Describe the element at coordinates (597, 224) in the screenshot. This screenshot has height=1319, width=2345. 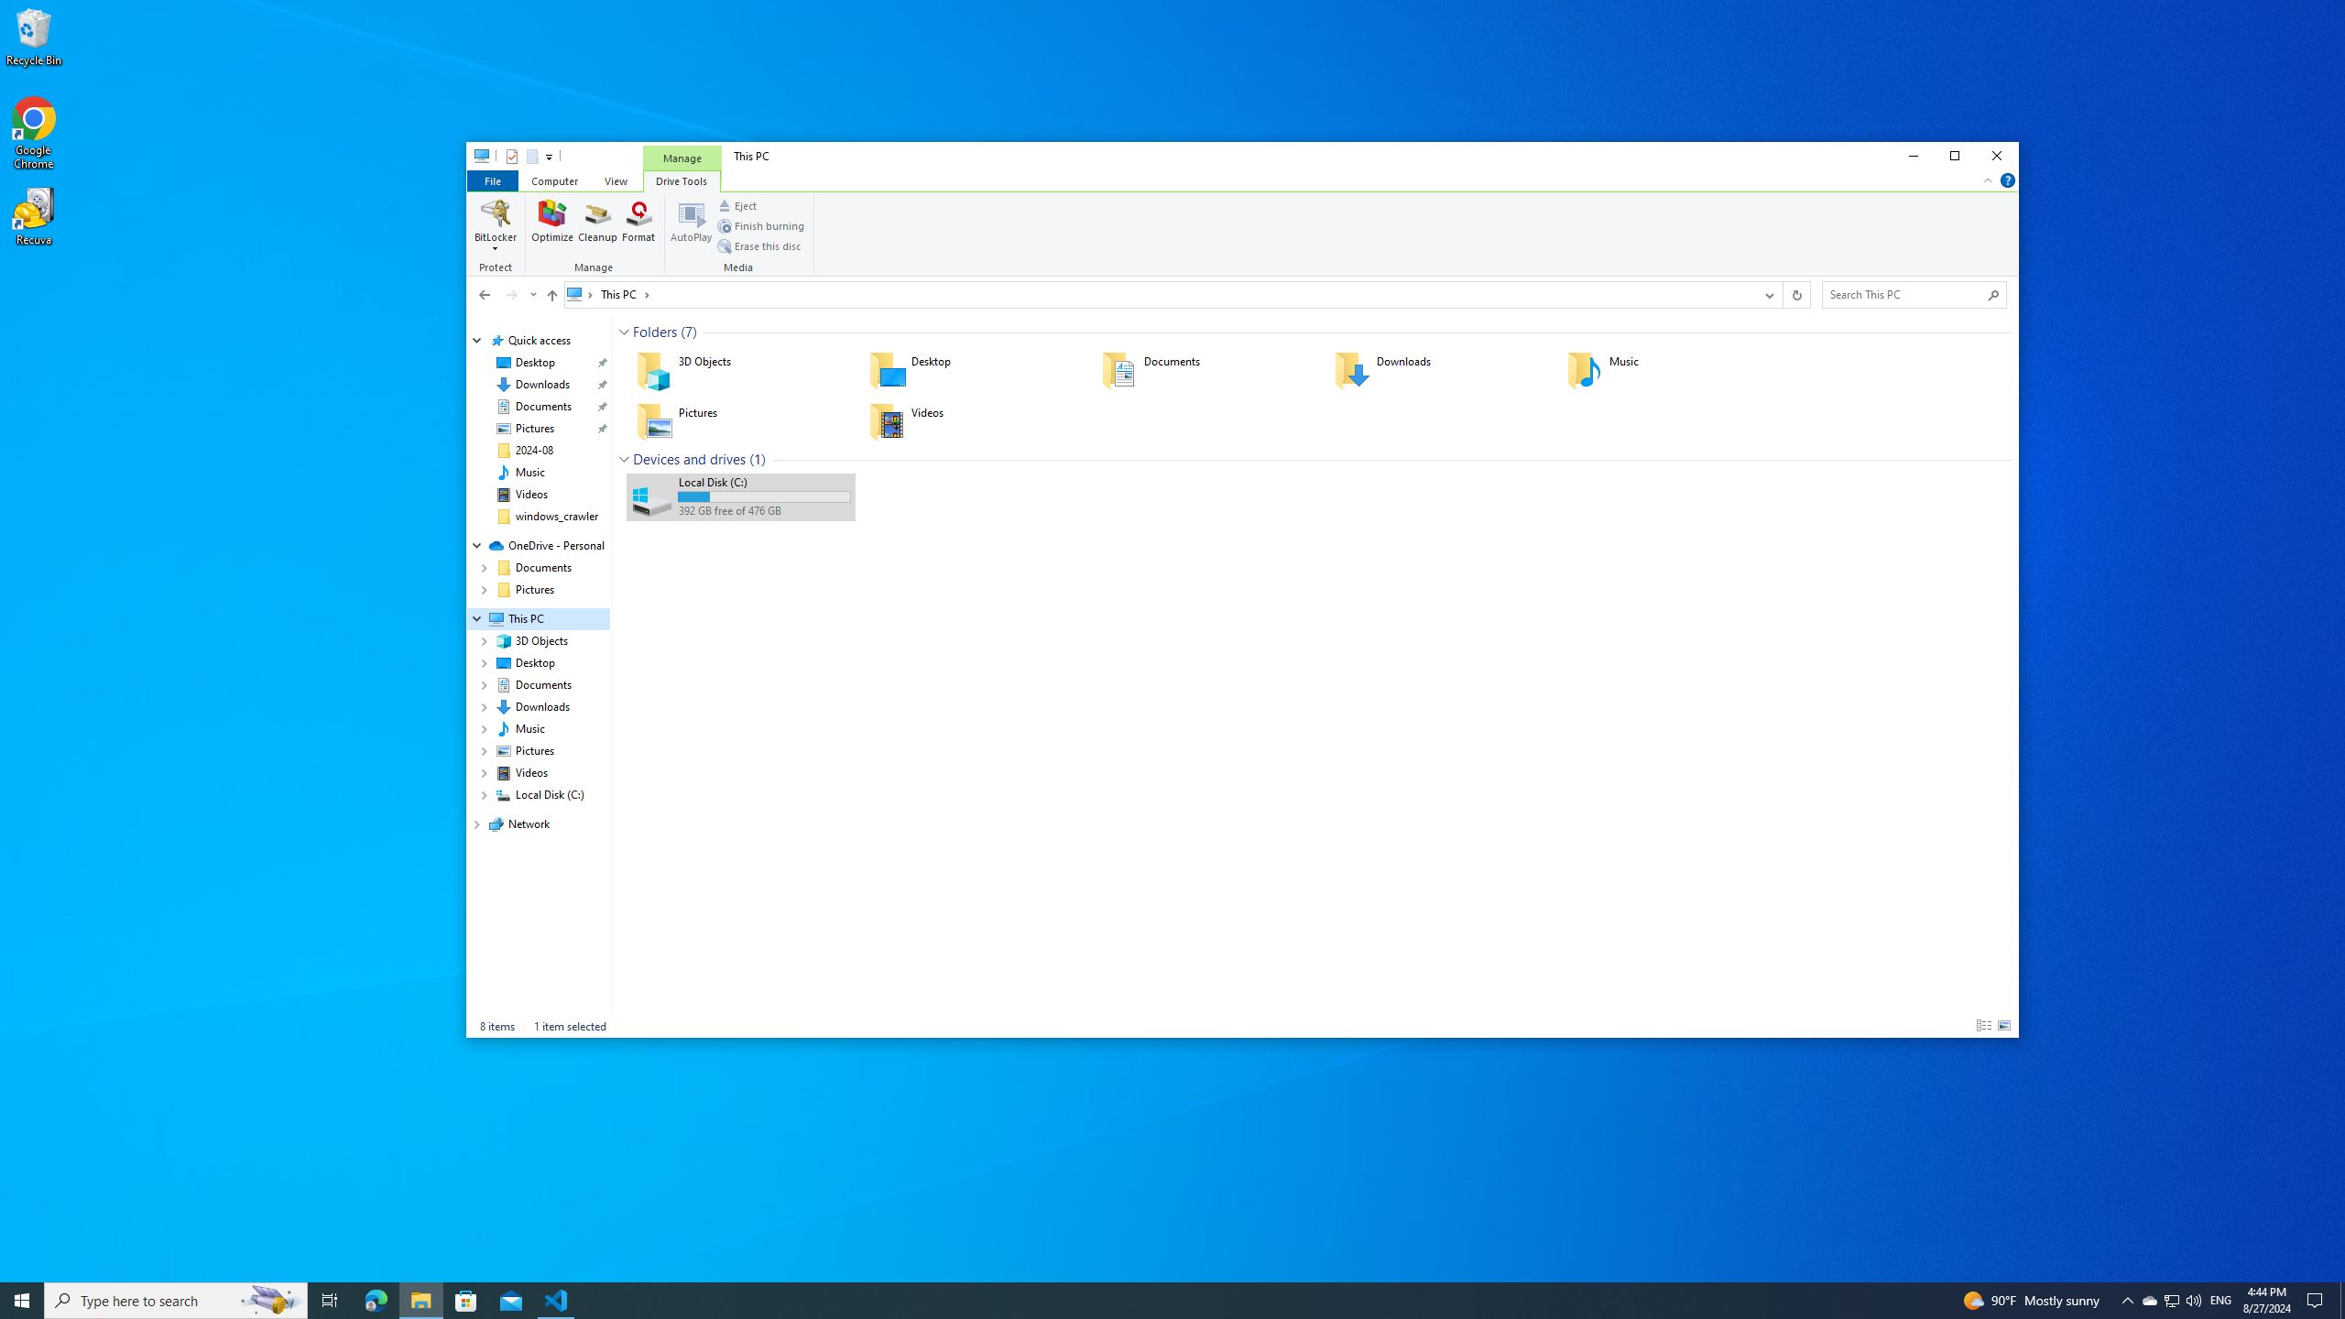
I see `'Cleanup'` at that location.